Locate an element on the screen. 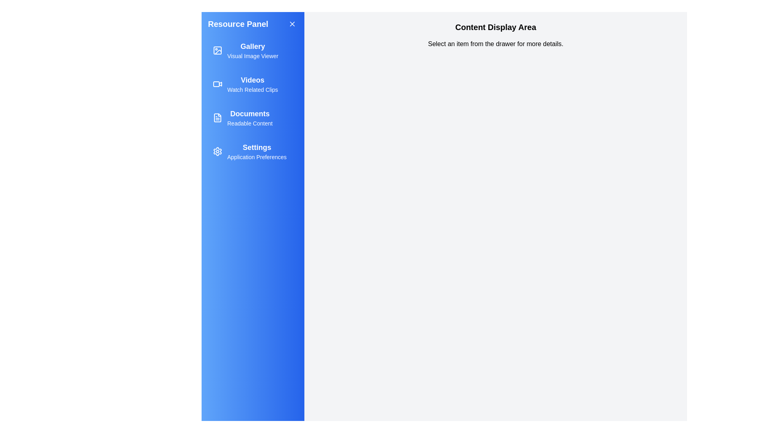  the close button of the drawer to hide it is located at coordinates (292, 24).